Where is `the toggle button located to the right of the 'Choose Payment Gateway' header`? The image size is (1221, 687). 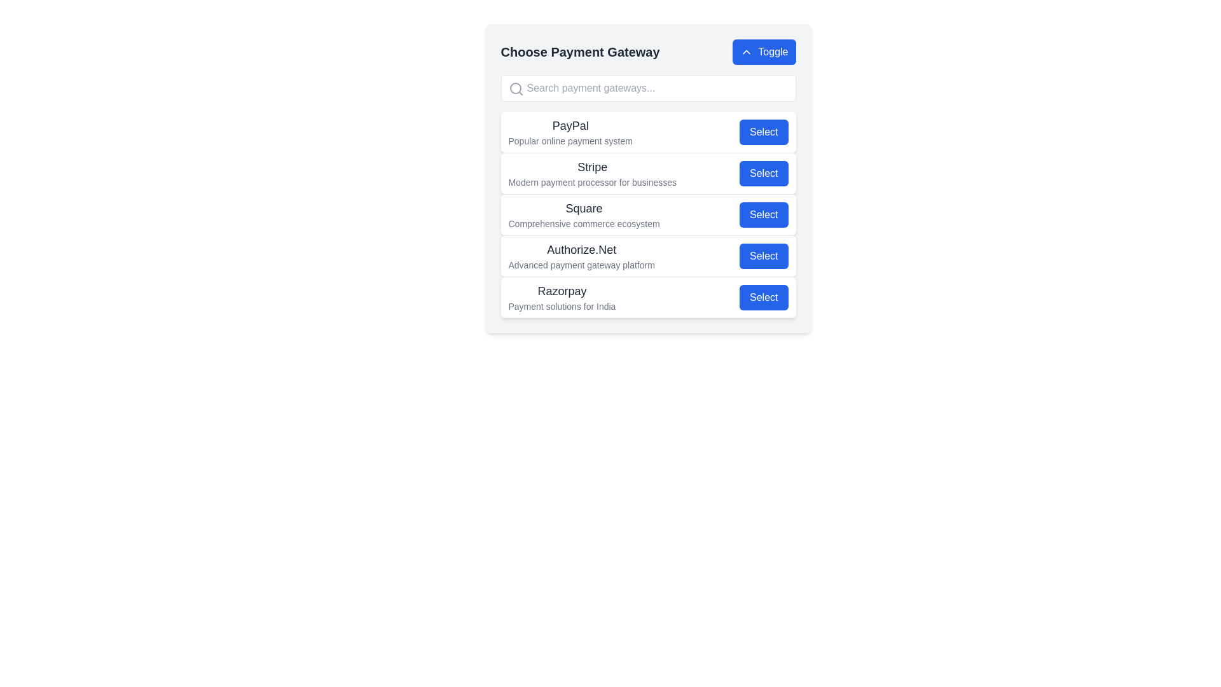 the toggle button located to the right of the 'Choose Payment Gateway' header is located at coordinates (763, 51).